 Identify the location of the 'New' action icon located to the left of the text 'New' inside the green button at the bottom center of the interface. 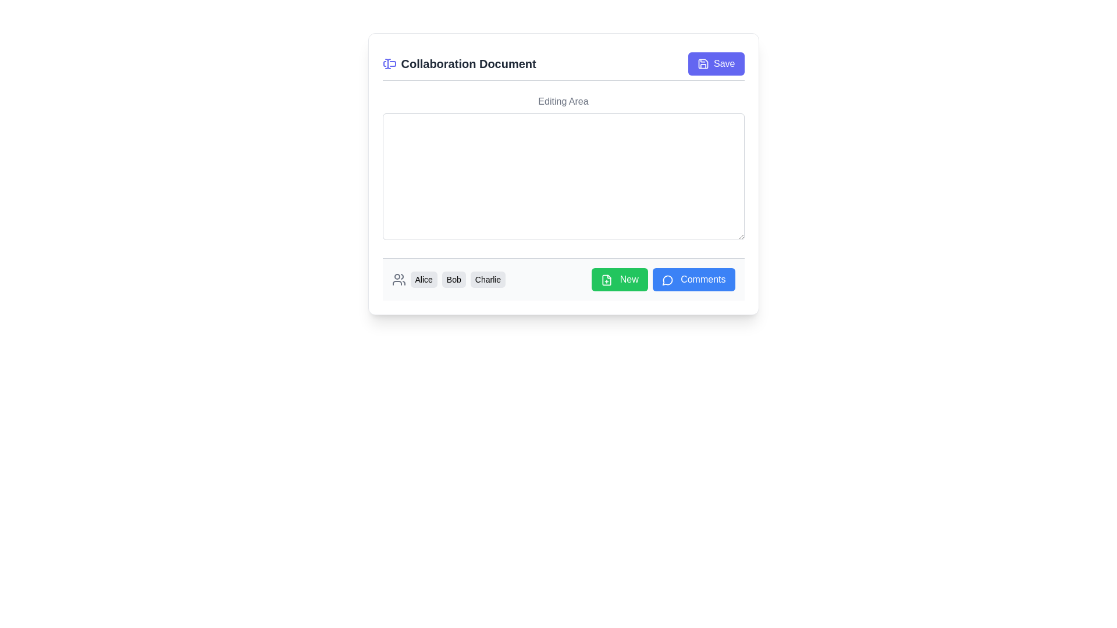
(606, 280).